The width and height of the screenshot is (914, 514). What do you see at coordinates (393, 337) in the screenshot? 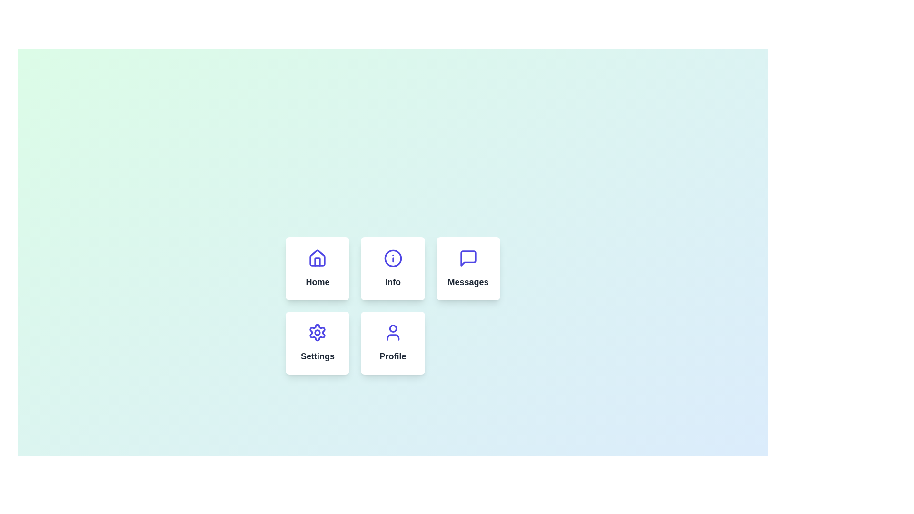
I see `the Decorative icon element that represents the bottom part of the user profile icon located in the bottom-right square of the Profile grid` at bounding box center [393, 337].